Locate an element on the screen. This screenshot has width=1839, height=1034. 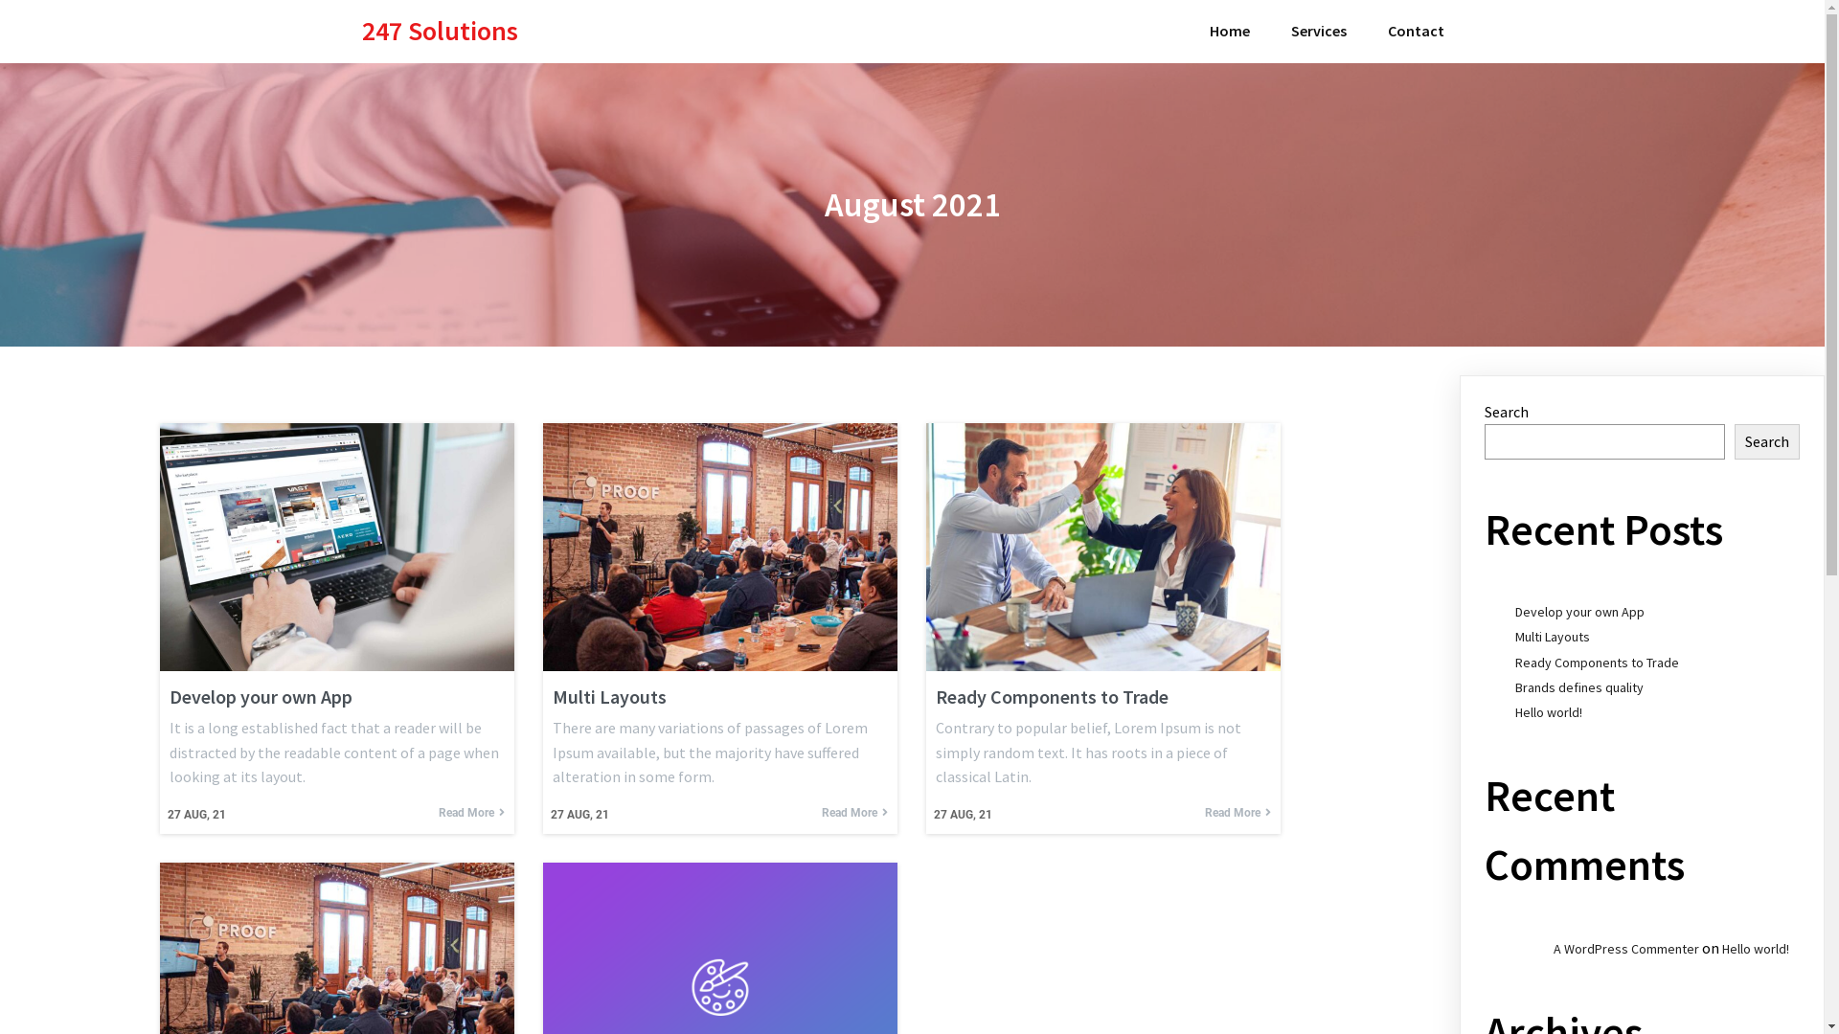
'Hello world!' is located at coordinates (1549, 712).